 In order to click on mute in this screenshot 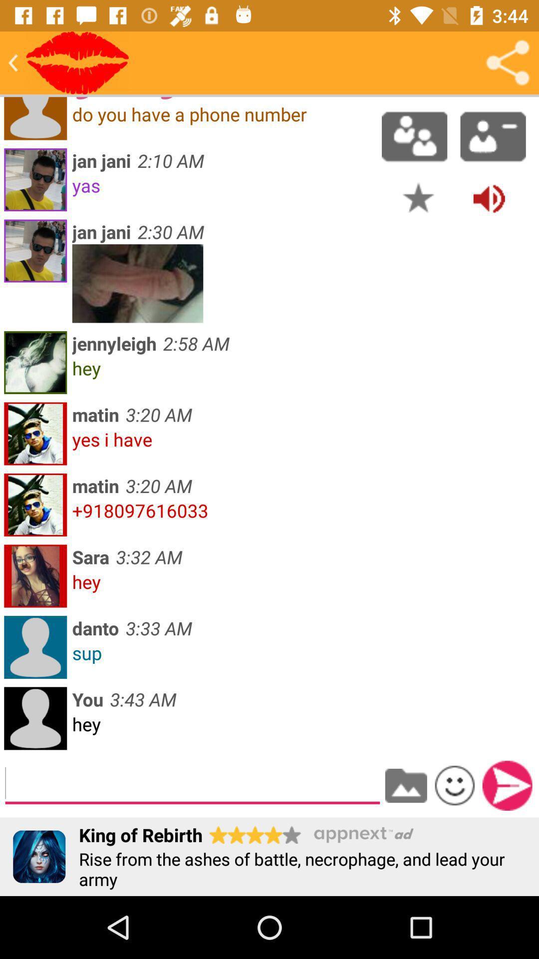, I will do `click(489, 198)`.